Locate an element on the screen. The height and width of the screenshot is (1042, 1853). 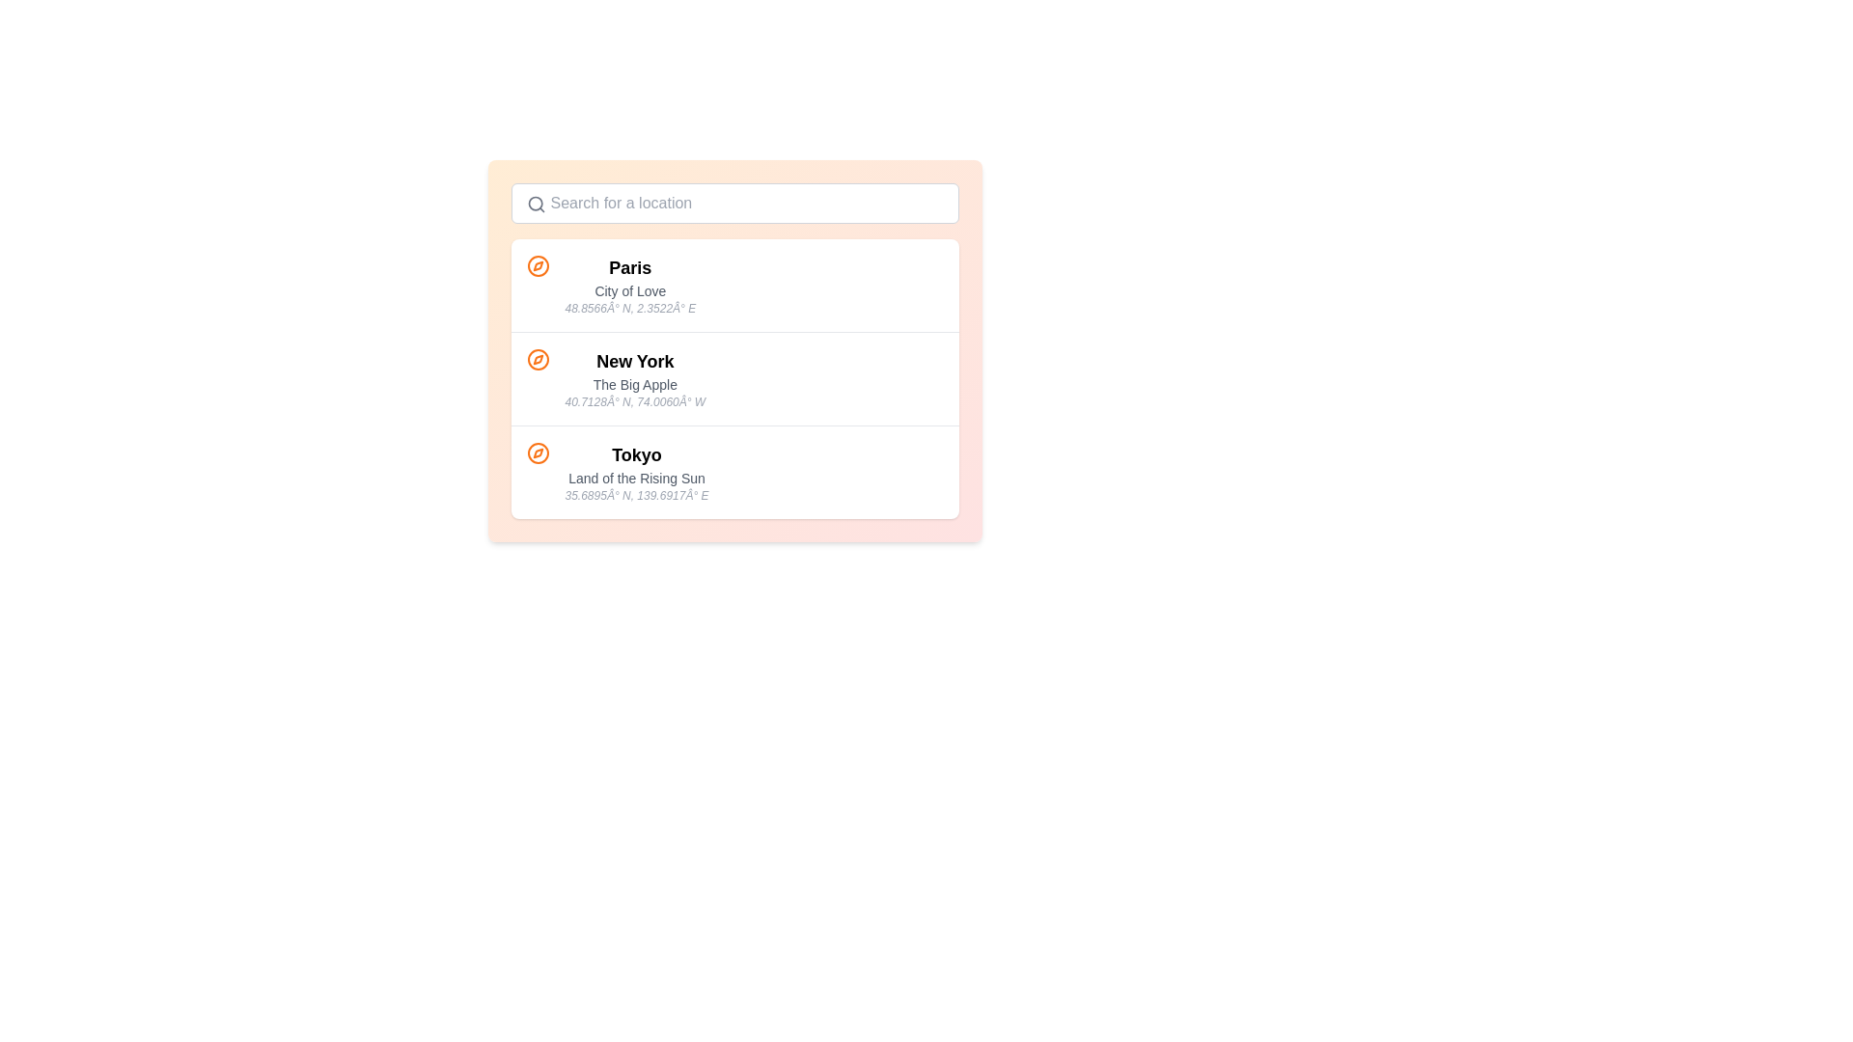
the text label displaying 'Tokyo', which is the primary title in the third entry of a vertically-stacked list of locations is located at coordinates (637, 454).